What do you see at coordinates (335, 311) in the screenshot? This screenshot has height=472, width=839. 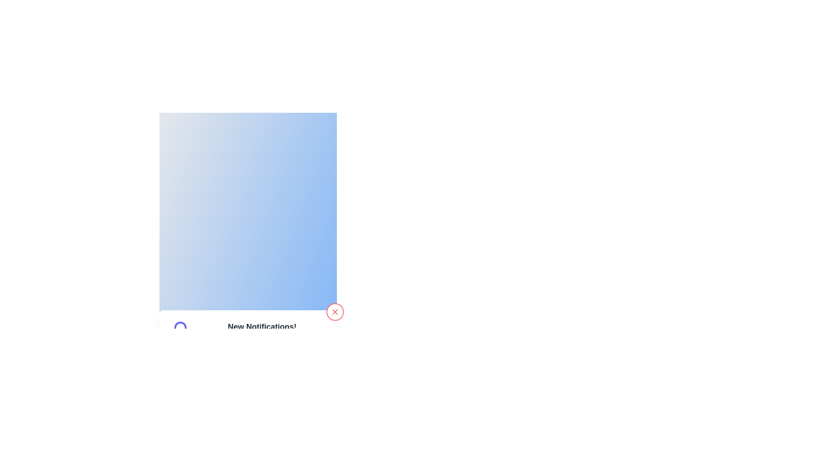 I see `the close icon, which is a small 'X' within a red circular border` at bounding box center [335, 311].